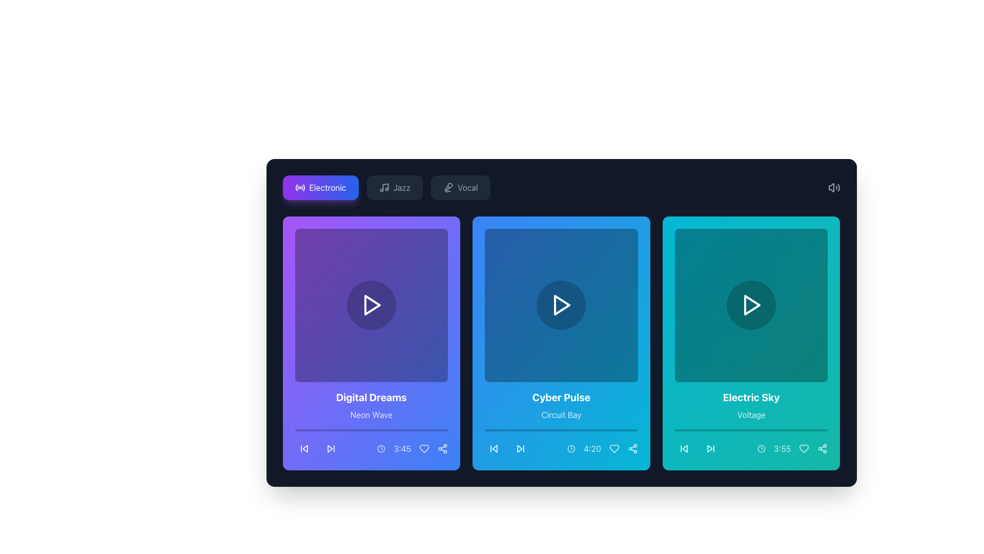 The image size is (984, 554). What do you see at coordinates (710, 448) in the screenshot?
I see `the skip-forward button icon with two chevrons on a turquoise background, located at the bottom-right of the 'Electric Sky' album card` at bounding box center [710, 448].